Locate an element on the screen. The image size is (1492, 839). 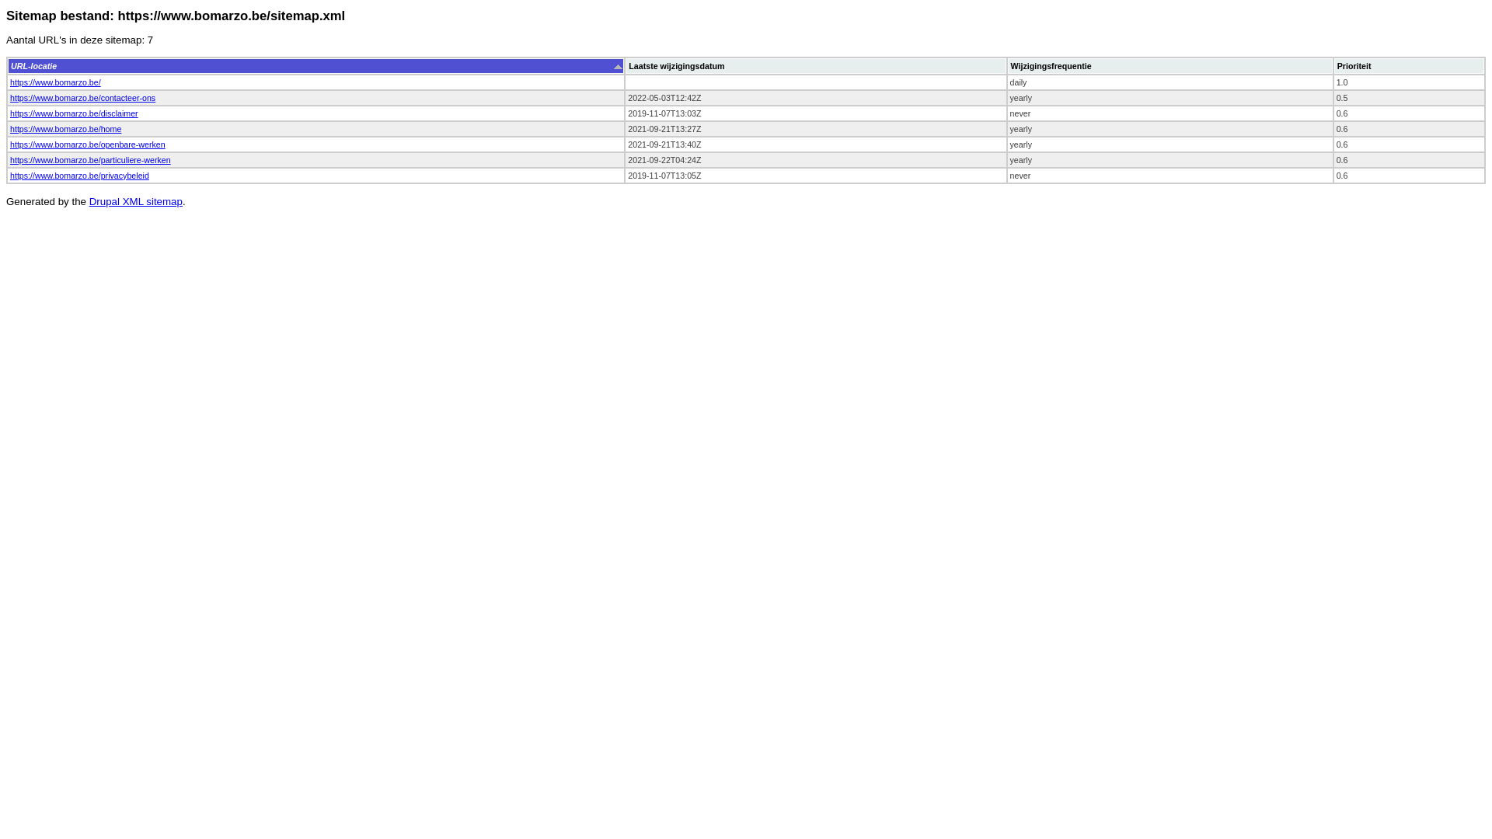
'Drupal XML sitemap' is located at coordinates (135, 200).